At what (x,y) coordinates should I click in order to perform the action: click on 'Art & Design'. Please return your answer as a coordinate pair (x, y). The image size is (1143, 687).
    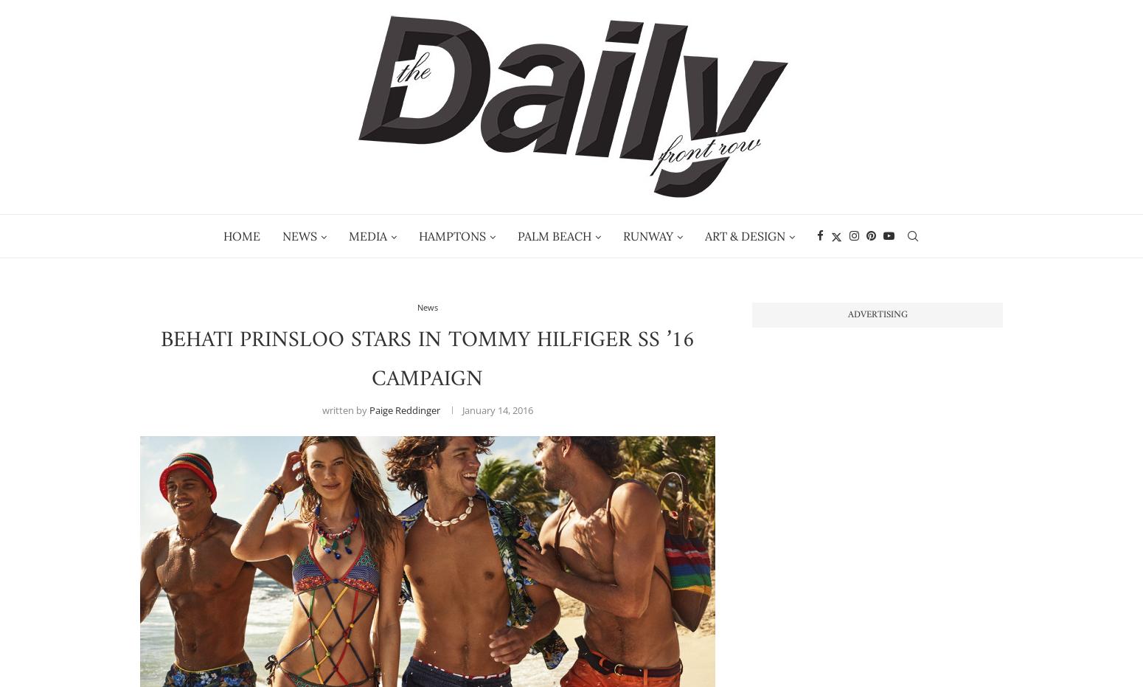
    Looking at the image, I should click on (744, 235).